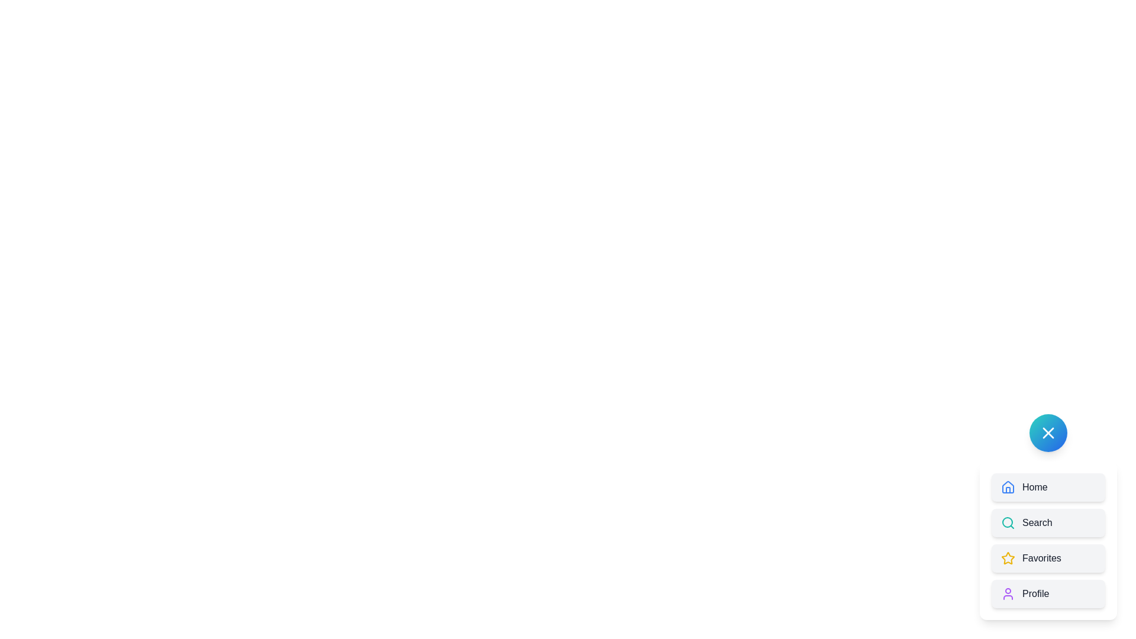  Describe the element at coordinates (1008, 558) in the screenshot. I see `the yellow star-shaped icon in the sidebar menu, located next to the 'Favorites' menu option` at that location.